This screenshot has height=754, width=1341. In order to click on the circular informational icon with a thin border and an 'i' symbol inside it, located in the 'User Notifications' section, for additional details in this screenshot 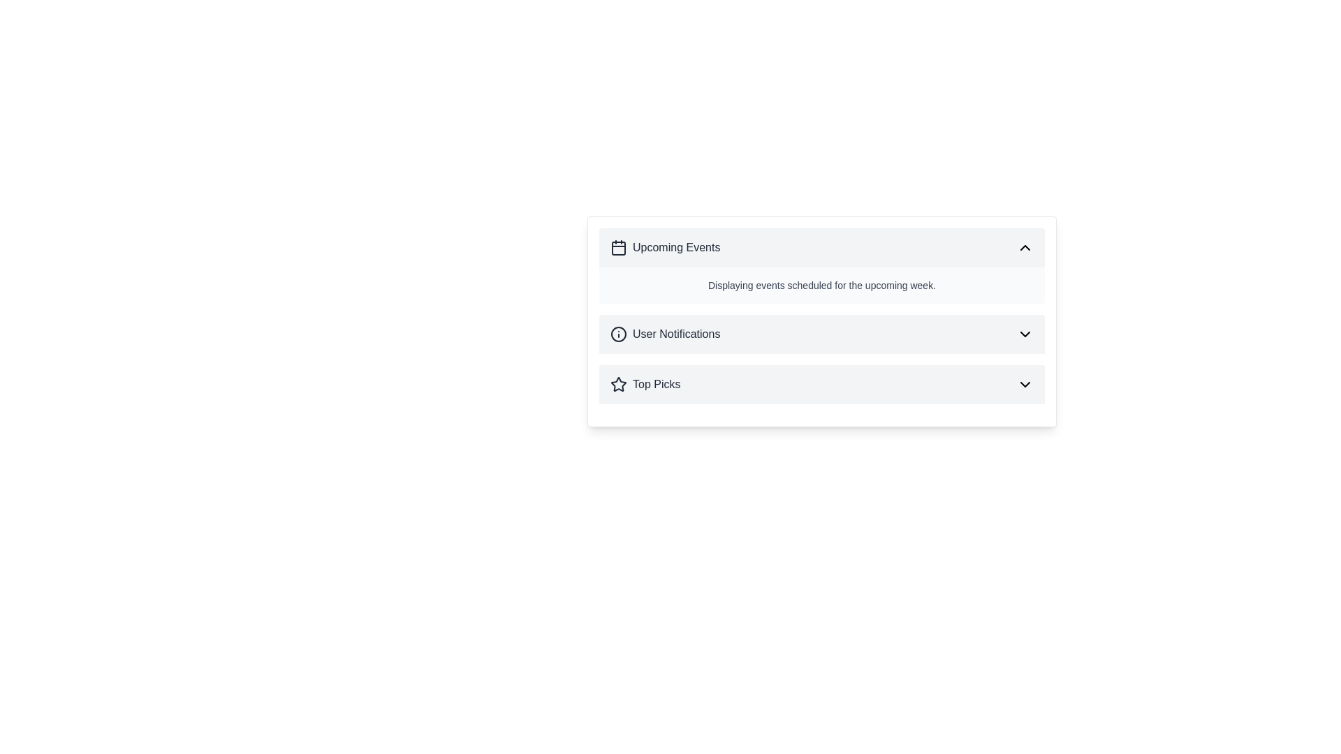, I will do `click(618, 334)`.